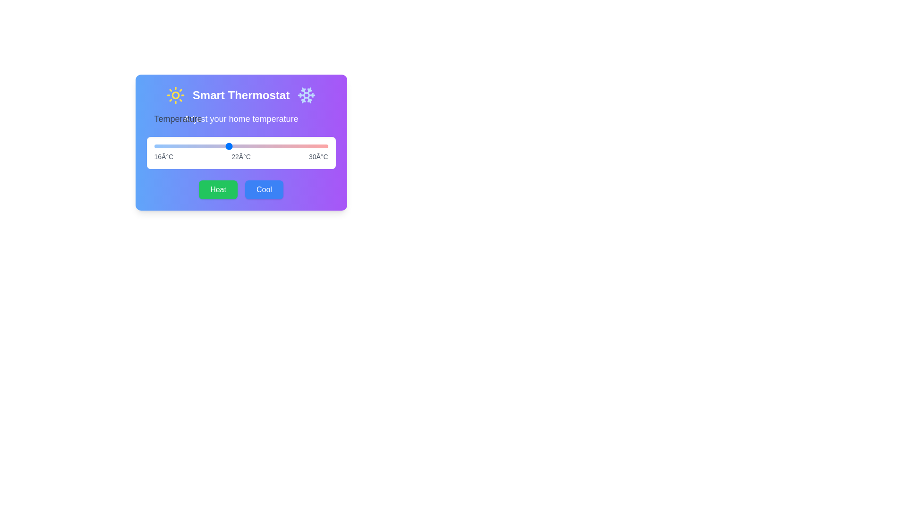  Describe the element at coordinates (203, 146) in the screenshot. I see `the temperature slider to 20 degrees Celsius` at that location.